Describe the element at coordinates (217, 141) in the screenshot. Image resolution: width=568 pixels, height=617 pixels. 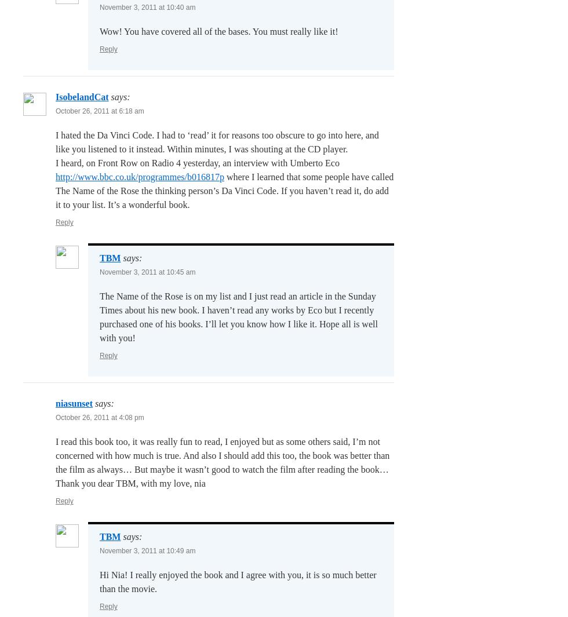
I see `'I hated the Da Vinci Code. I had to ‘read’ it for reasons too obscure to go into here, and like you listened to it instead. Within minutes, I was shouting at the CD player.'` at that location.